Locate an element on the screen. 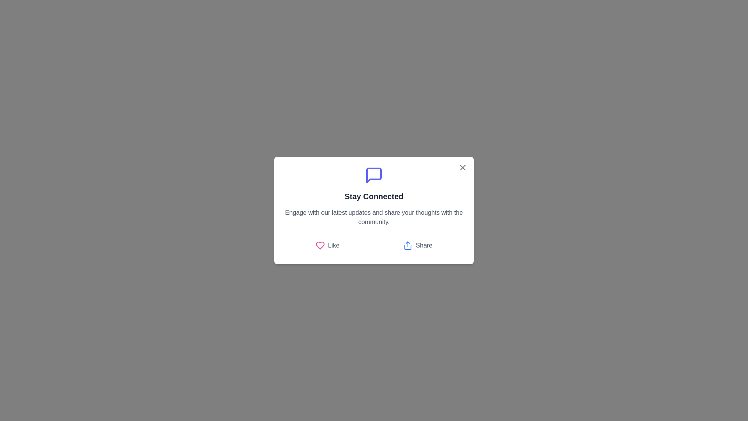 This screenshot has height=421, width=748. the close button to close the dialog is located at coordinates (463, 167).